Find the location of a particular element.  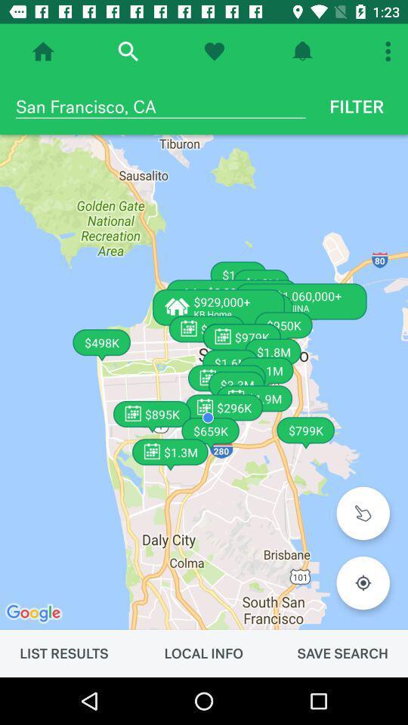

the item to the left of filter icon is located at coordinates (159, 106).